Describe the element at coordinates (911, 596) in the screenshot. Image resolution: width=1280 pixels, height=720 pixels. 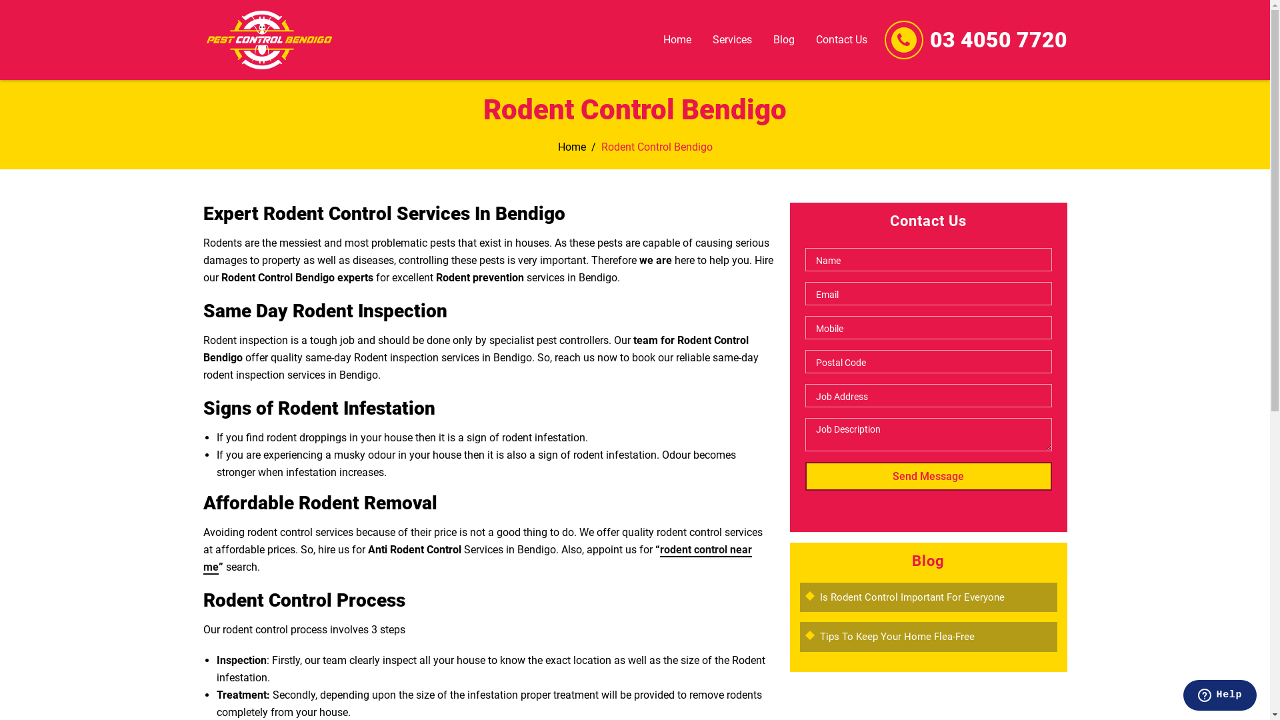
I see `'Is Rodent Control Important For Everyone'` at that location.